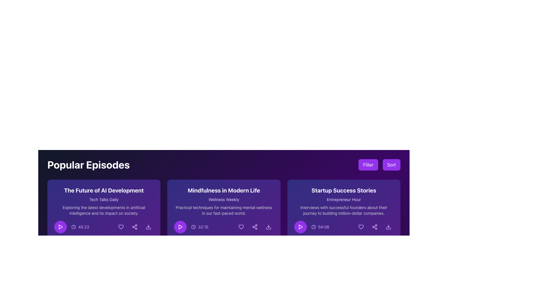 The height and width of the screenshot is (308, 548). What do you see at coordinates (300, 226) in the screenshot?
I see `the triangular play icon within the purple circular button located under the 'Startup Success Stories' card` at bounding box center [300, 226].